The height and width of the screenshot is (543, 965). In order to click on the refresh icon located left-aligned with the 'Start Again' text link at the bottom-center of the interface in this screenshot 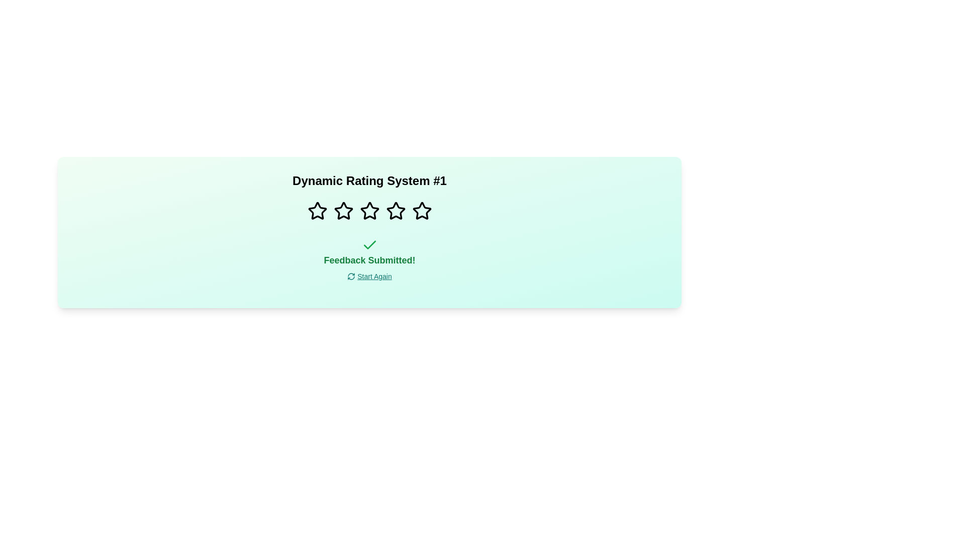, I will do `click(351, 277)`.